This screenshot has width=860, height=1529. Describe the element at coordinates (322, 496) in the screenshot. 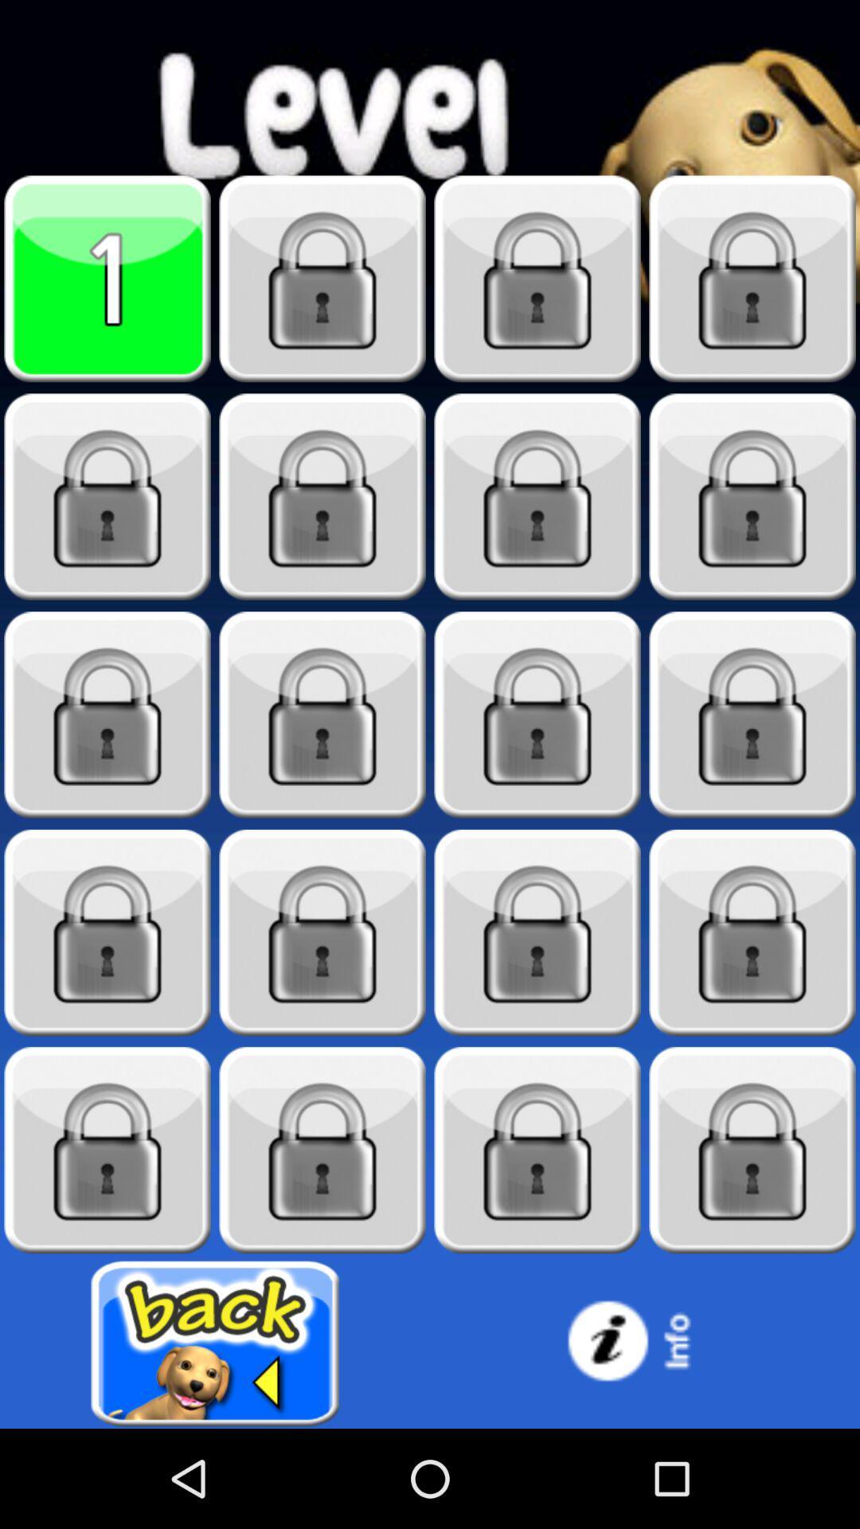

I see `locked level` at that location.